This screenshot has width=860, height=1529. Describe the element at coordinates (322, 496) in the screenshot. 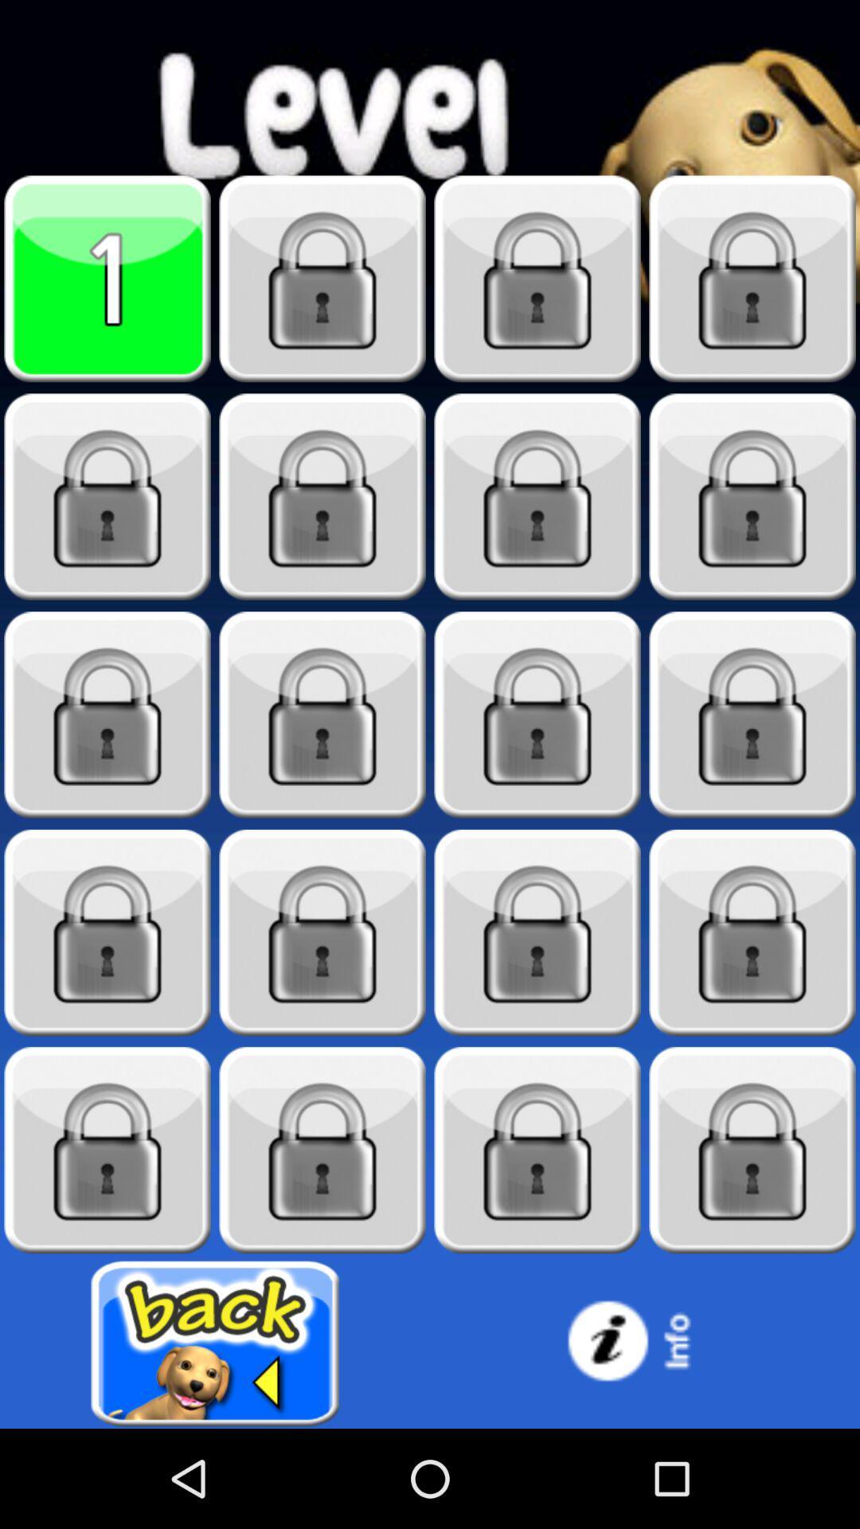

I see `locked level` at that location.